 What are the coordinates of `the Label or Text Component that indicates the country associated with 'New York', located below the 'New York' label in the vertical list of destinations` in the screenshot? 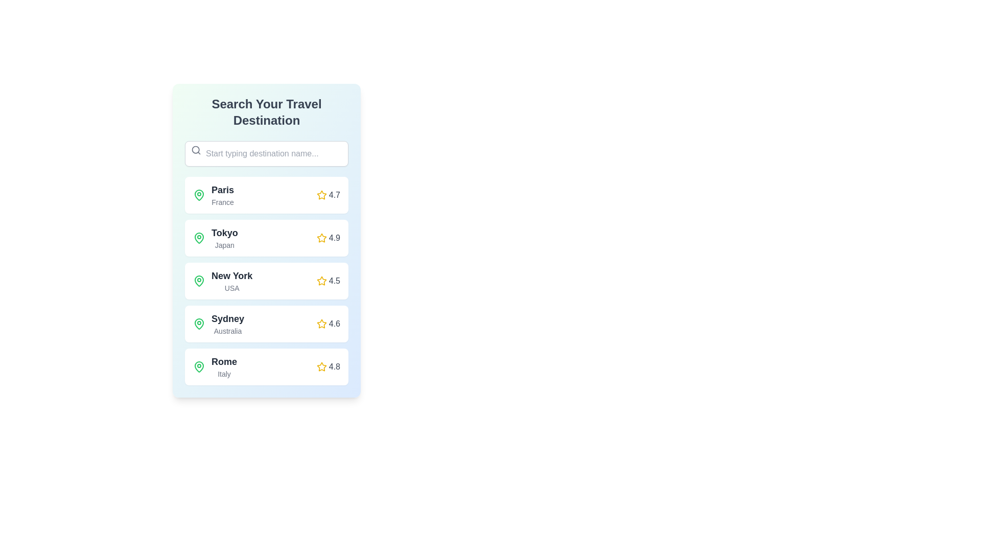 It's located at (231, 288).